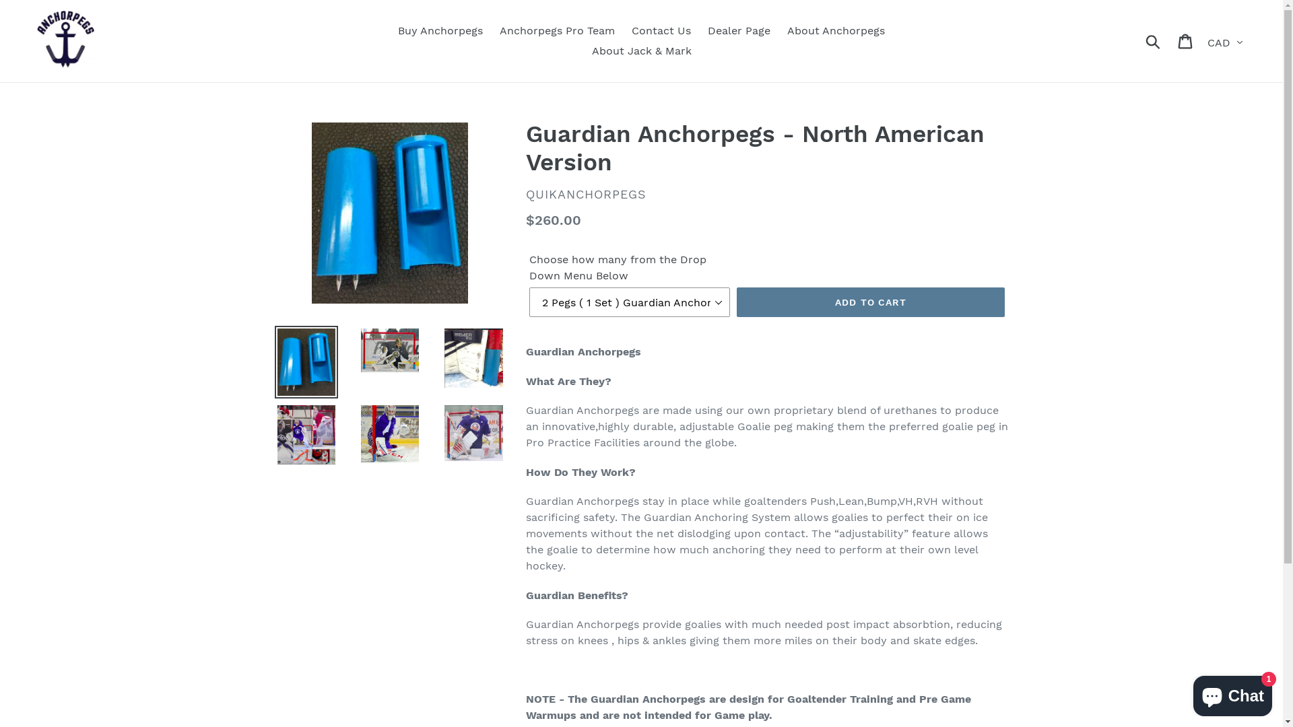 The image size is (1293, 727). What do you see at coordinates (780, 30) in the screenshot?
I see `'About Anchorpegs'` at bounding box center [780, 30].